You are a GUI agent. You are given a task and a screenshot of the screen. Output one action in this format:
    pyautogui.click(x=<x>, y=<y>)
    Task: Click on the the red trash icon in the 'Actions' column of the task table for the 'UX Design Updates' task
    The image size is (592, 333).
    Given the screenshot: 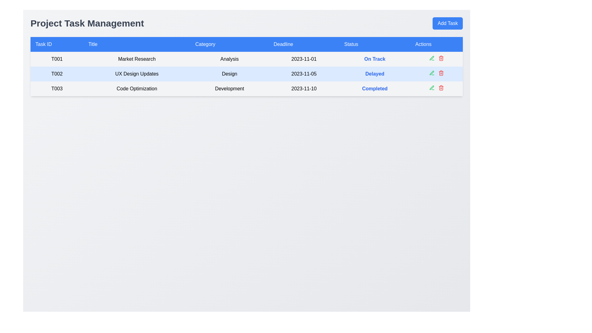 What is the action you would take?
    pyautogui.click(x=441, y=72)
    